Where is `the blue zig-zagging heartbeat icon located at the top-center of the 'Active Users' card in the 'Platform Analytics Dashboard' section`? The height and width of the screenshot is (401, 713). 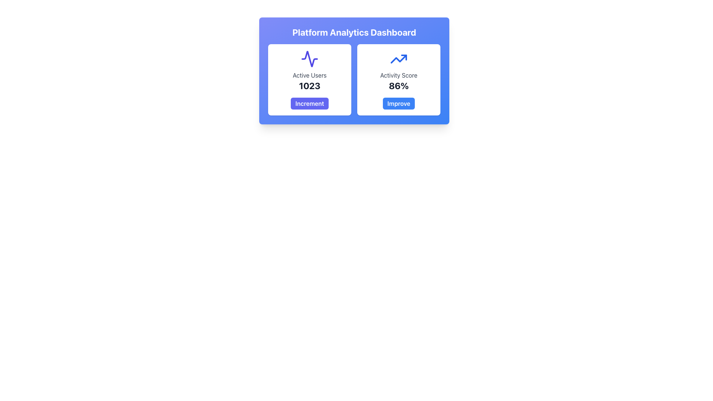
the blue zig-zagging heartbeat icon located at the top-center of the 'Active Users' card in the 'Platform Analytics Dashboard' section is located at coordinates (310, 58).